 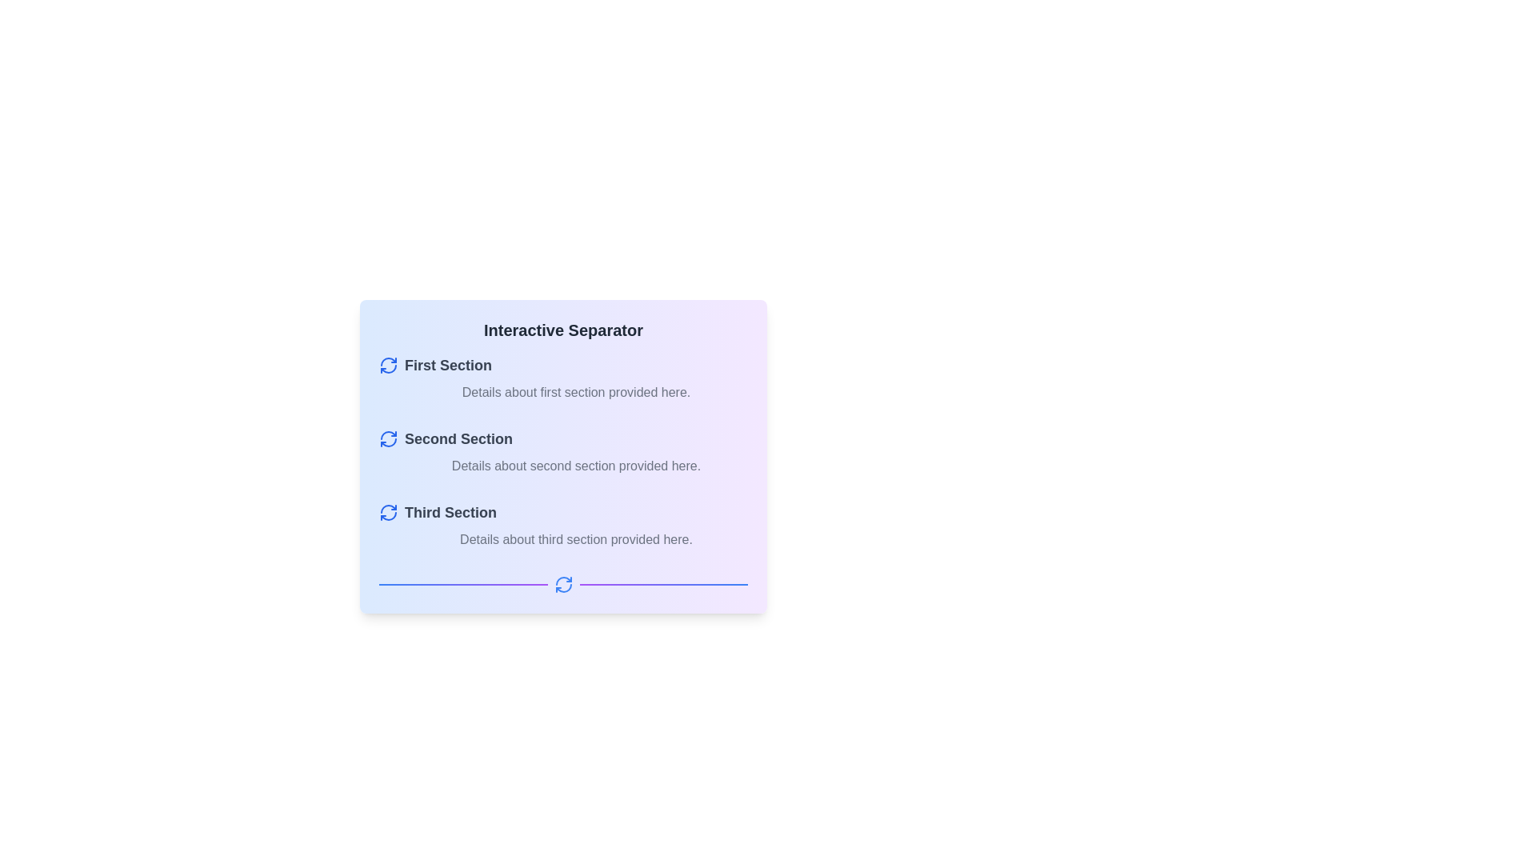 I want to click on the text label displaying 'Details about second section provided here.' which is styled in gray and aligned to the left, positioned below the 'Second Section' heading, so click(x=563, y=466).